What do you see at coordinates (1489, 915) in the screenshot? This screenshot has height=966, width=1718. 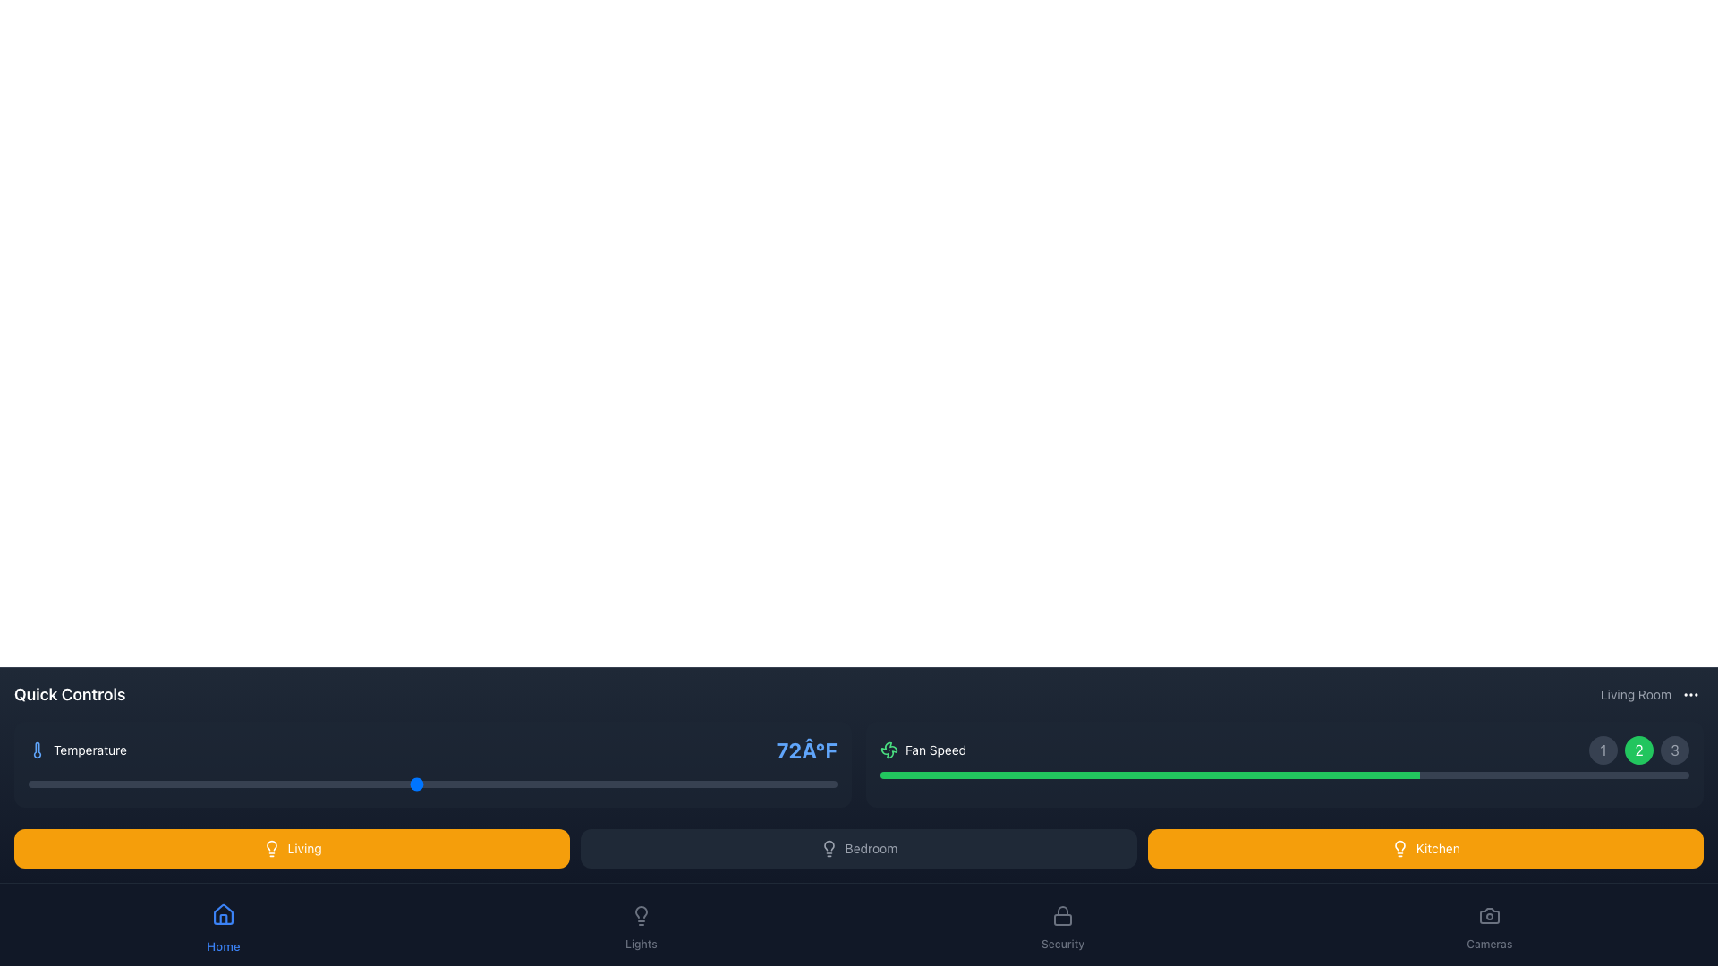 I see `the camera icon located at the bottom-right of the interface, which features a rectangular body with rounded edges and a circular lens` at bounding box center [1489, 915].